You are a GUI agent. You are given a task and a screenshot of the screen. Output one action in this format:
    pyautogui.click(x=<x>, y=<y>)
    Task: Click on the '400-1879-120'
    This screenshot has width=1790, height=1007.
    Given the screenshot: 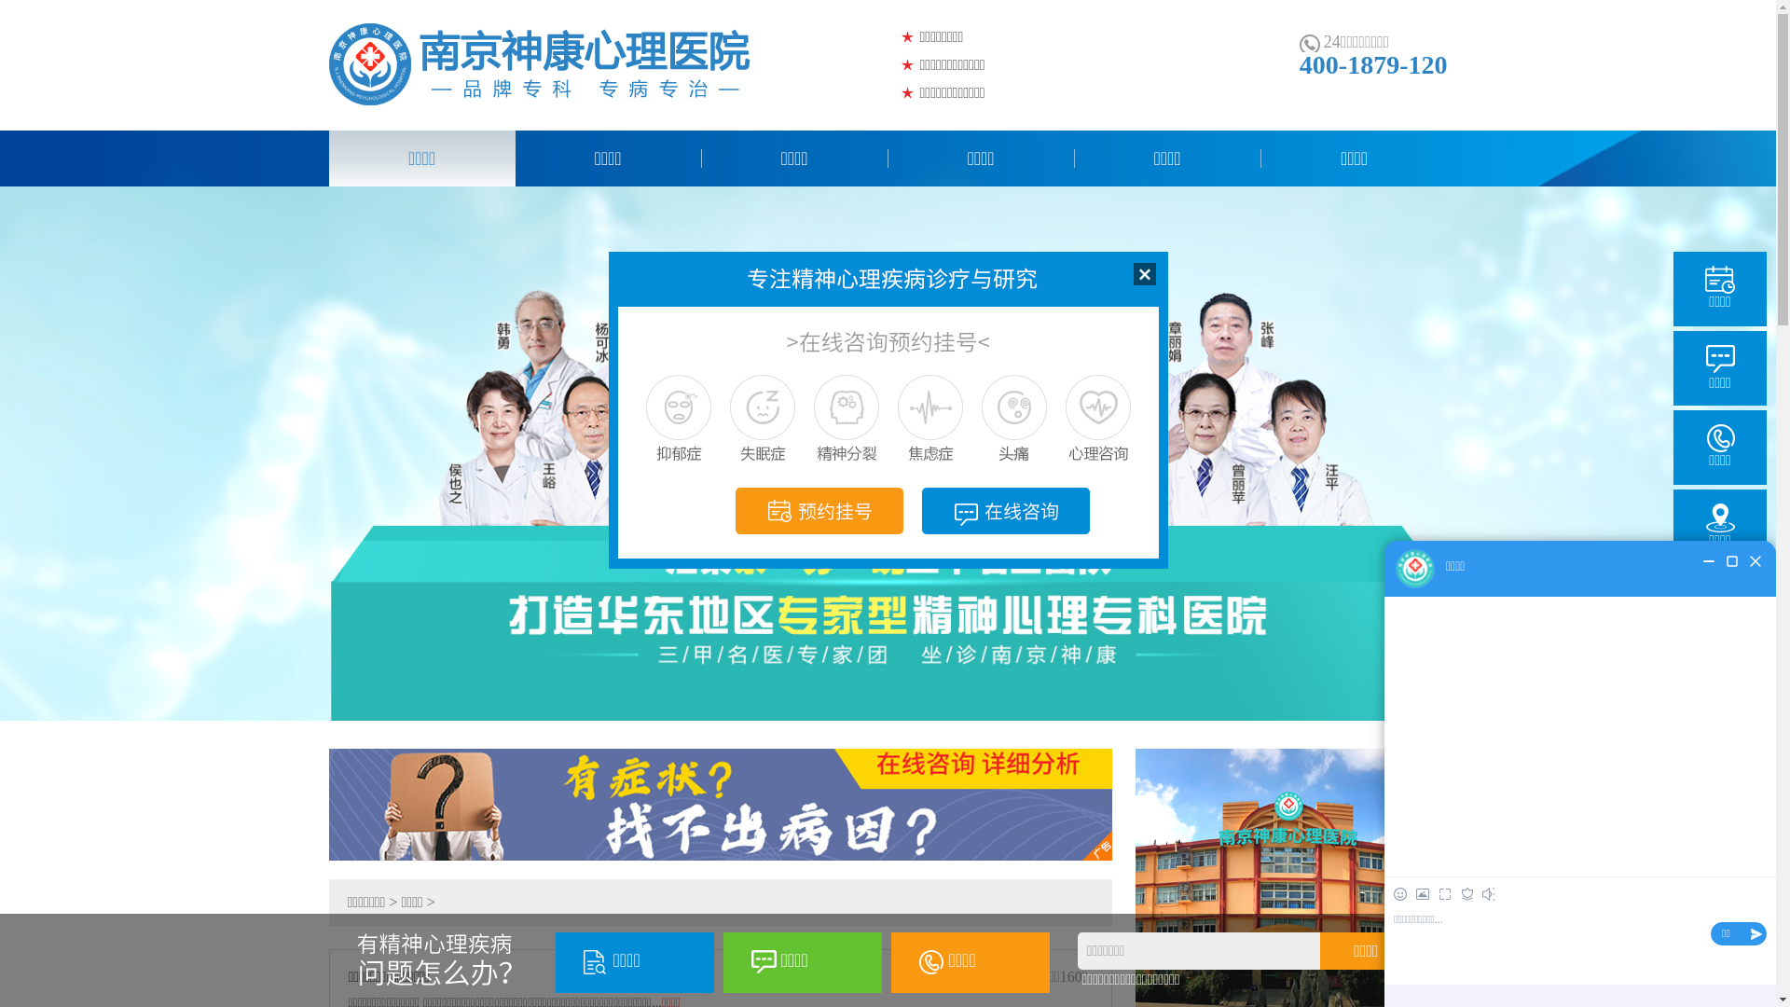 What is the action you would take?
    pyautogui.click(x=1373, y=63)
    